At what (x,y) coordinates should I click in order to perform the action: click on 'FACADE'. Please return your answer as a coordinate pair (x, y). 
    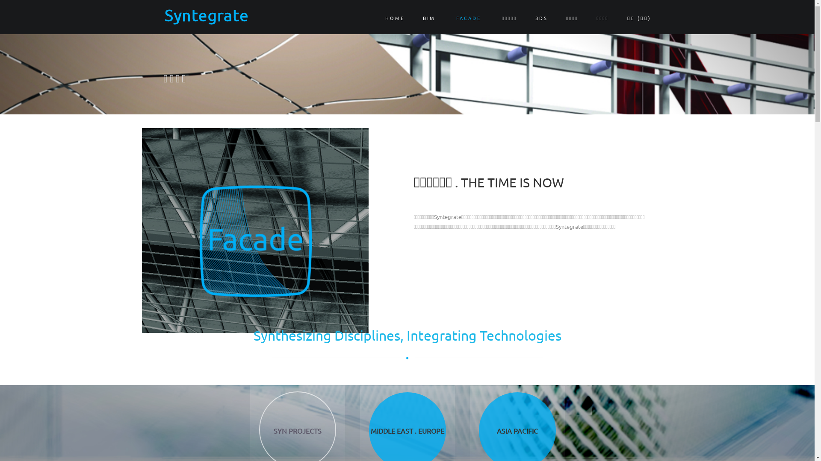
    Looking at the image, I should click on (447, 19).